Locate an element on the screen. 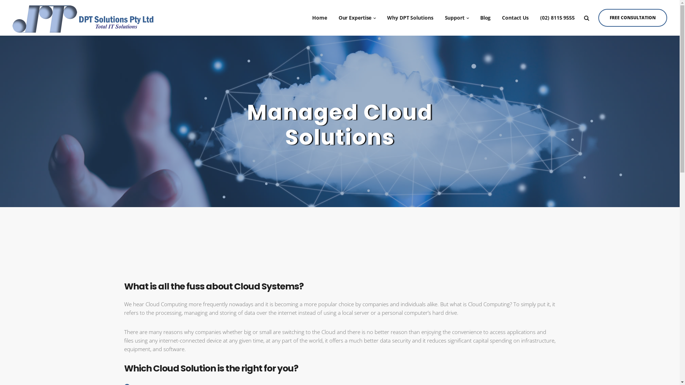 This screenshot has width=685, height=385. 'FREE CONSULTATION' is located at coordinates (633, 17).